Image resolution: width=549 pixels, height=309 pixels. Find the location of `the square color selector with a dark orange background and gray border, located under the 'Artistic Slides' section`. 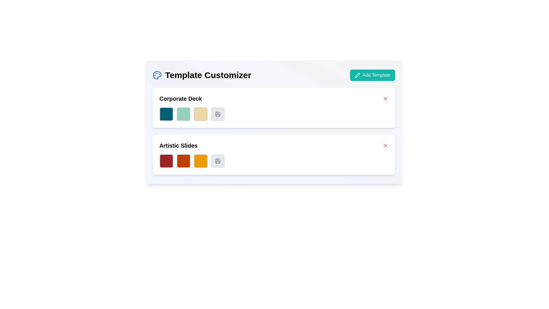

the square color selector with a dark orange background and gray border, located under the 'Artistic Slides' section is located at coordinates (183, 161).